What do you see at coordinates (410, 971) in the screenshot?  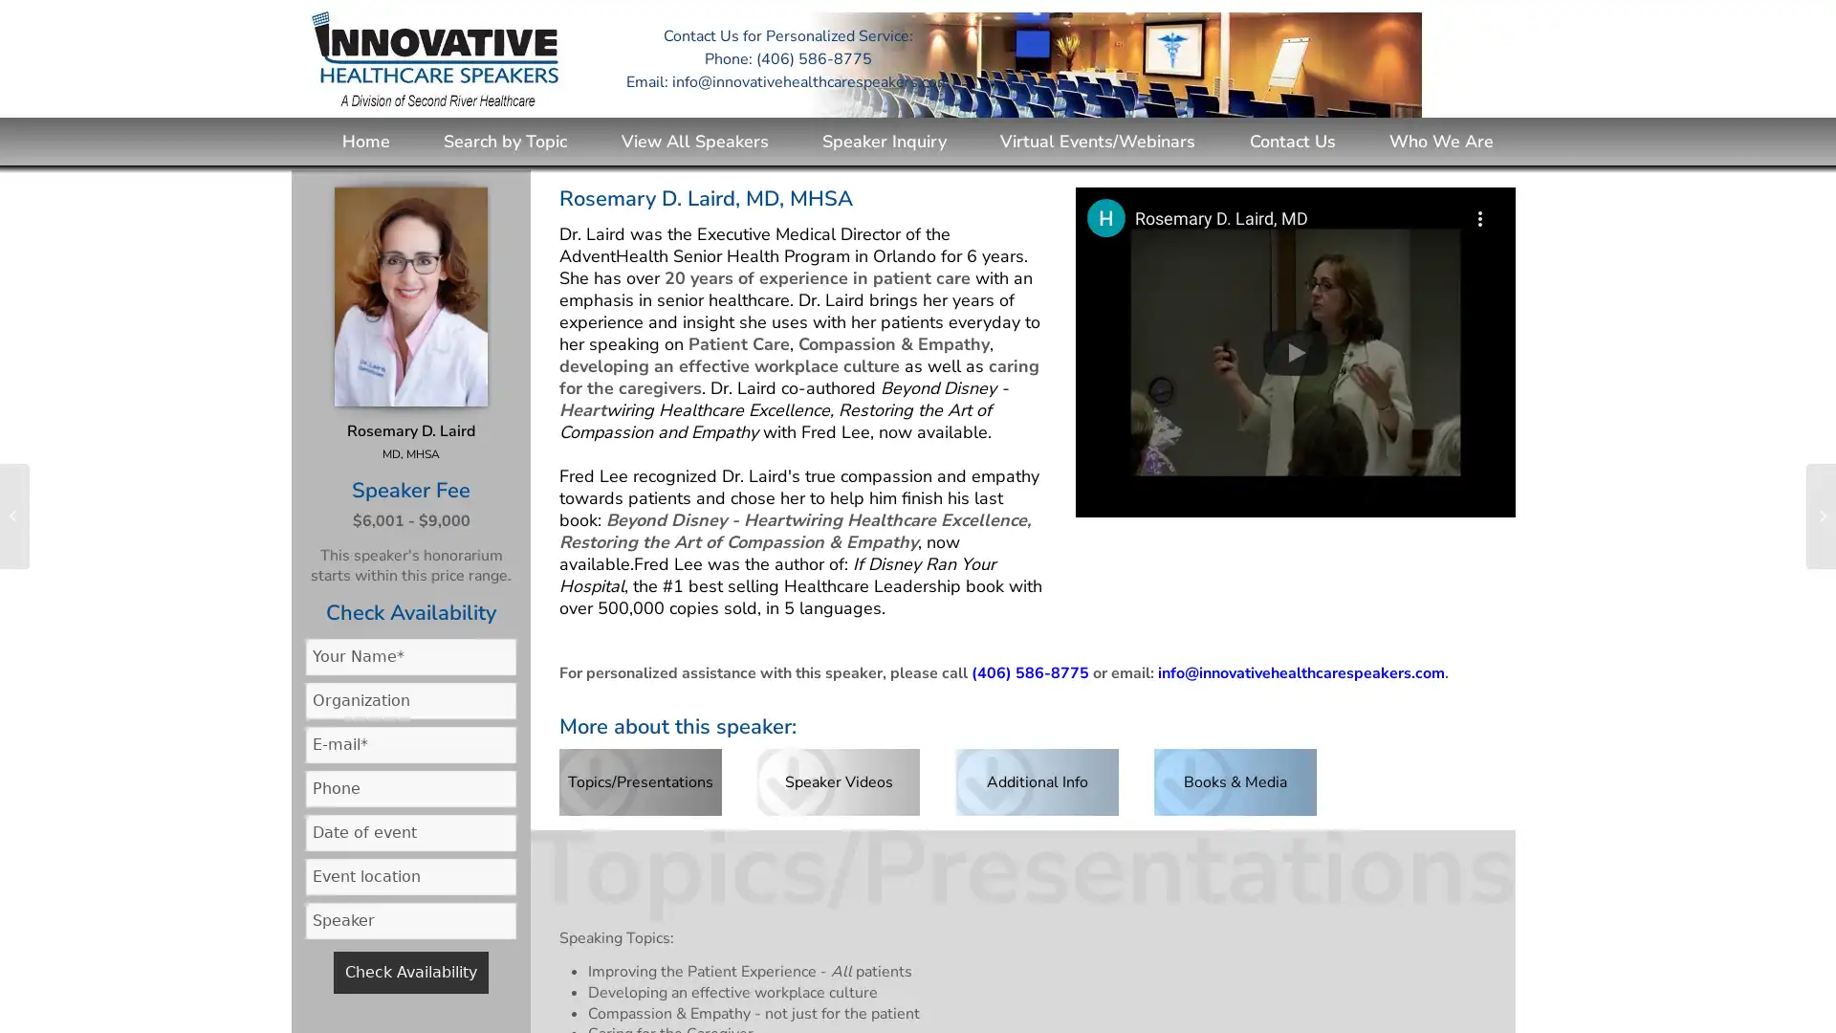 I see `Check Availability` at bounding box center [410, 971].